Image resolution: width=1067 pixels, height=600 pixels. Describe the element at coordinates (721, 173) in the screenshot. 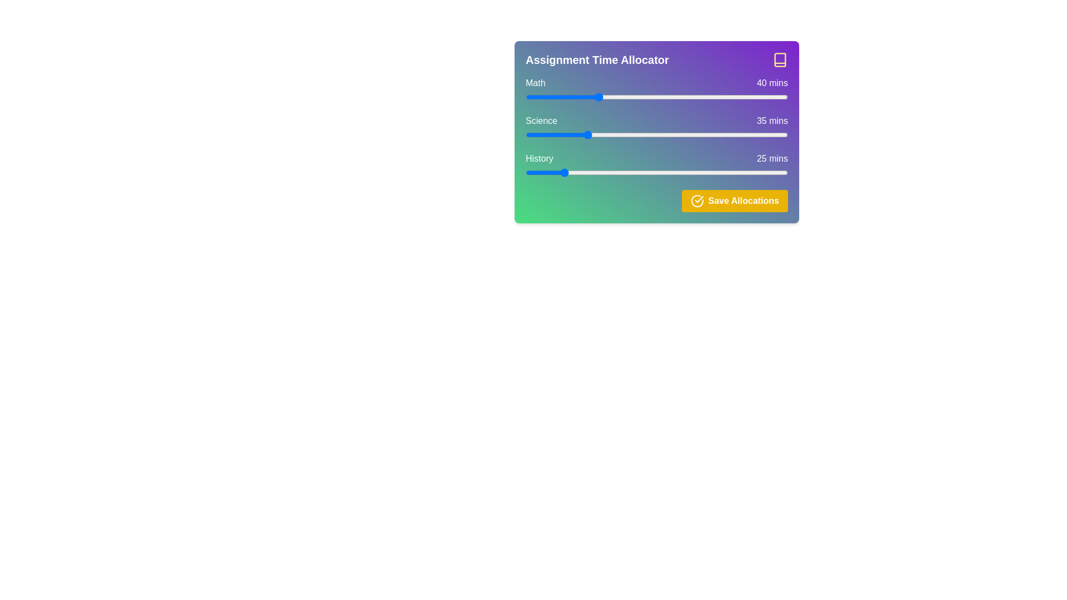

I see `history time allocation` at that location.